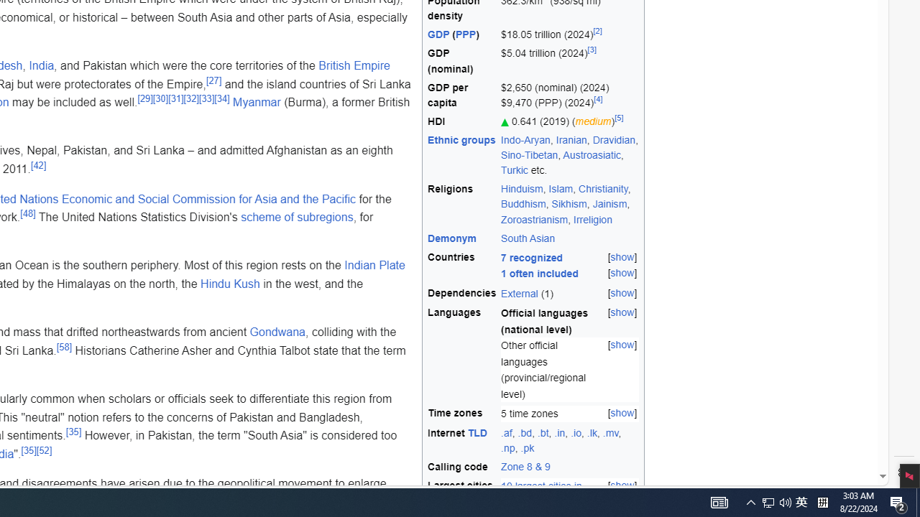 The image size is (920, 517). What do you see at coordinates (568, 204) in the screenshot?
I see `'Sikhism'` at bounding box center [568, 204].